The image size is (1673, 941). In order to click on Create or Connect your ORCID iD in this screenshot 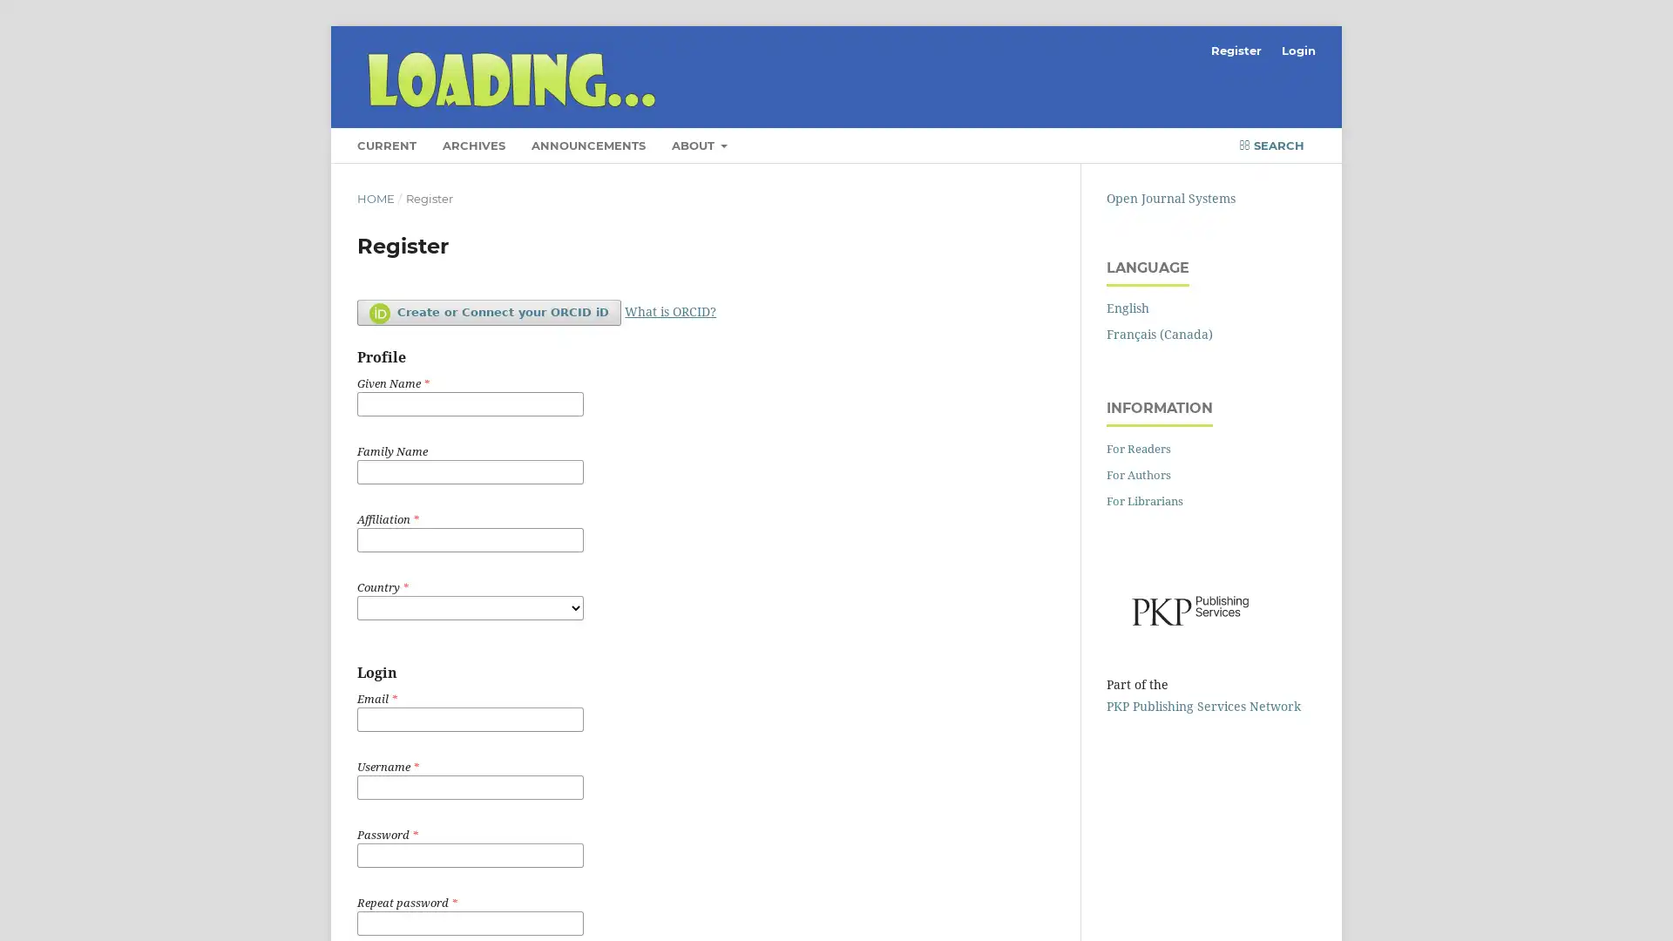, I will do `click(488, 311)`.